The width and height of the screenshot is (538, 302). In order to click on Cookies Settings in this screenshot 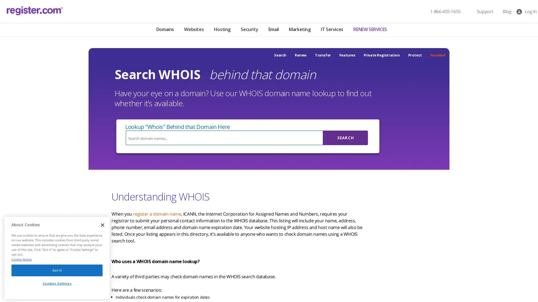, I will do `click(57, 283)`.